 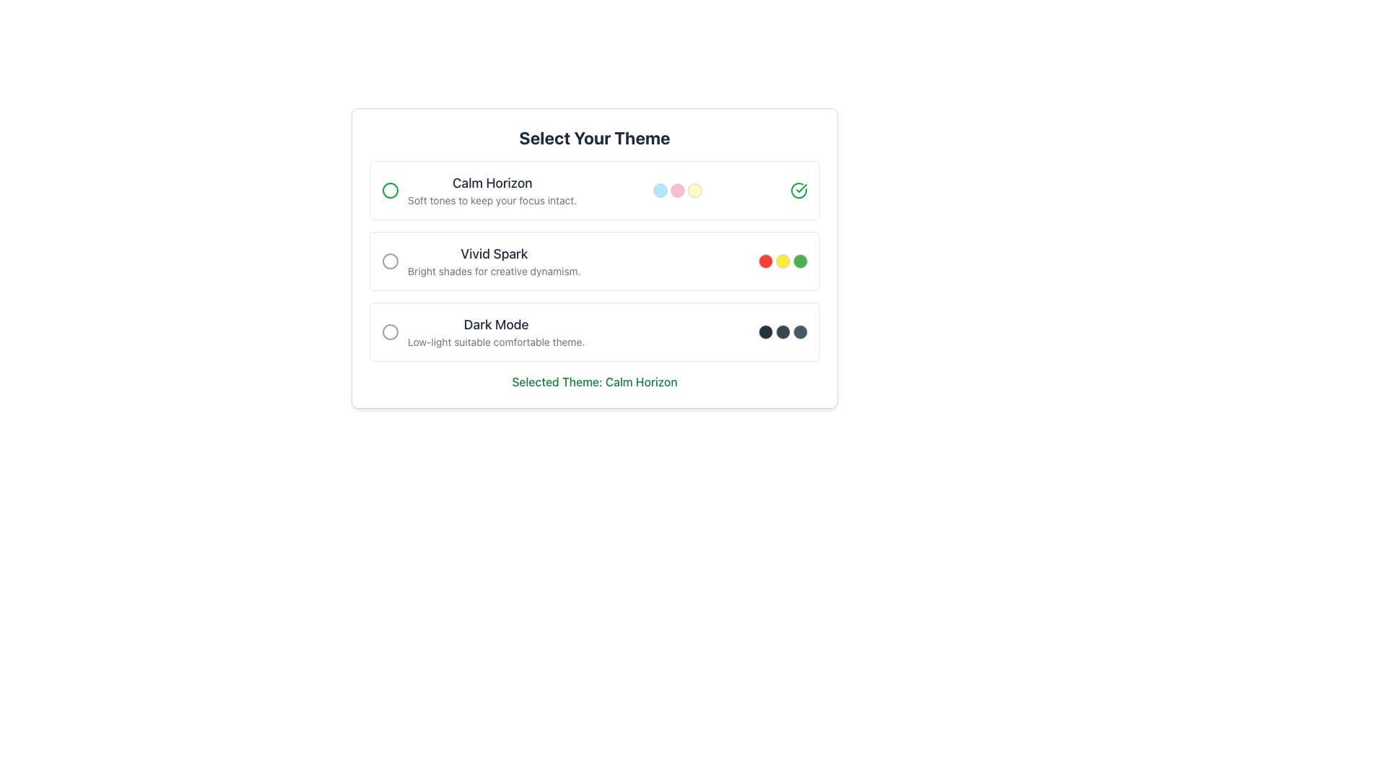 I want to click on the visual indicator icon that confirms the selection of the 'Calm Horizon' theme option, so click(x=801, y=188).